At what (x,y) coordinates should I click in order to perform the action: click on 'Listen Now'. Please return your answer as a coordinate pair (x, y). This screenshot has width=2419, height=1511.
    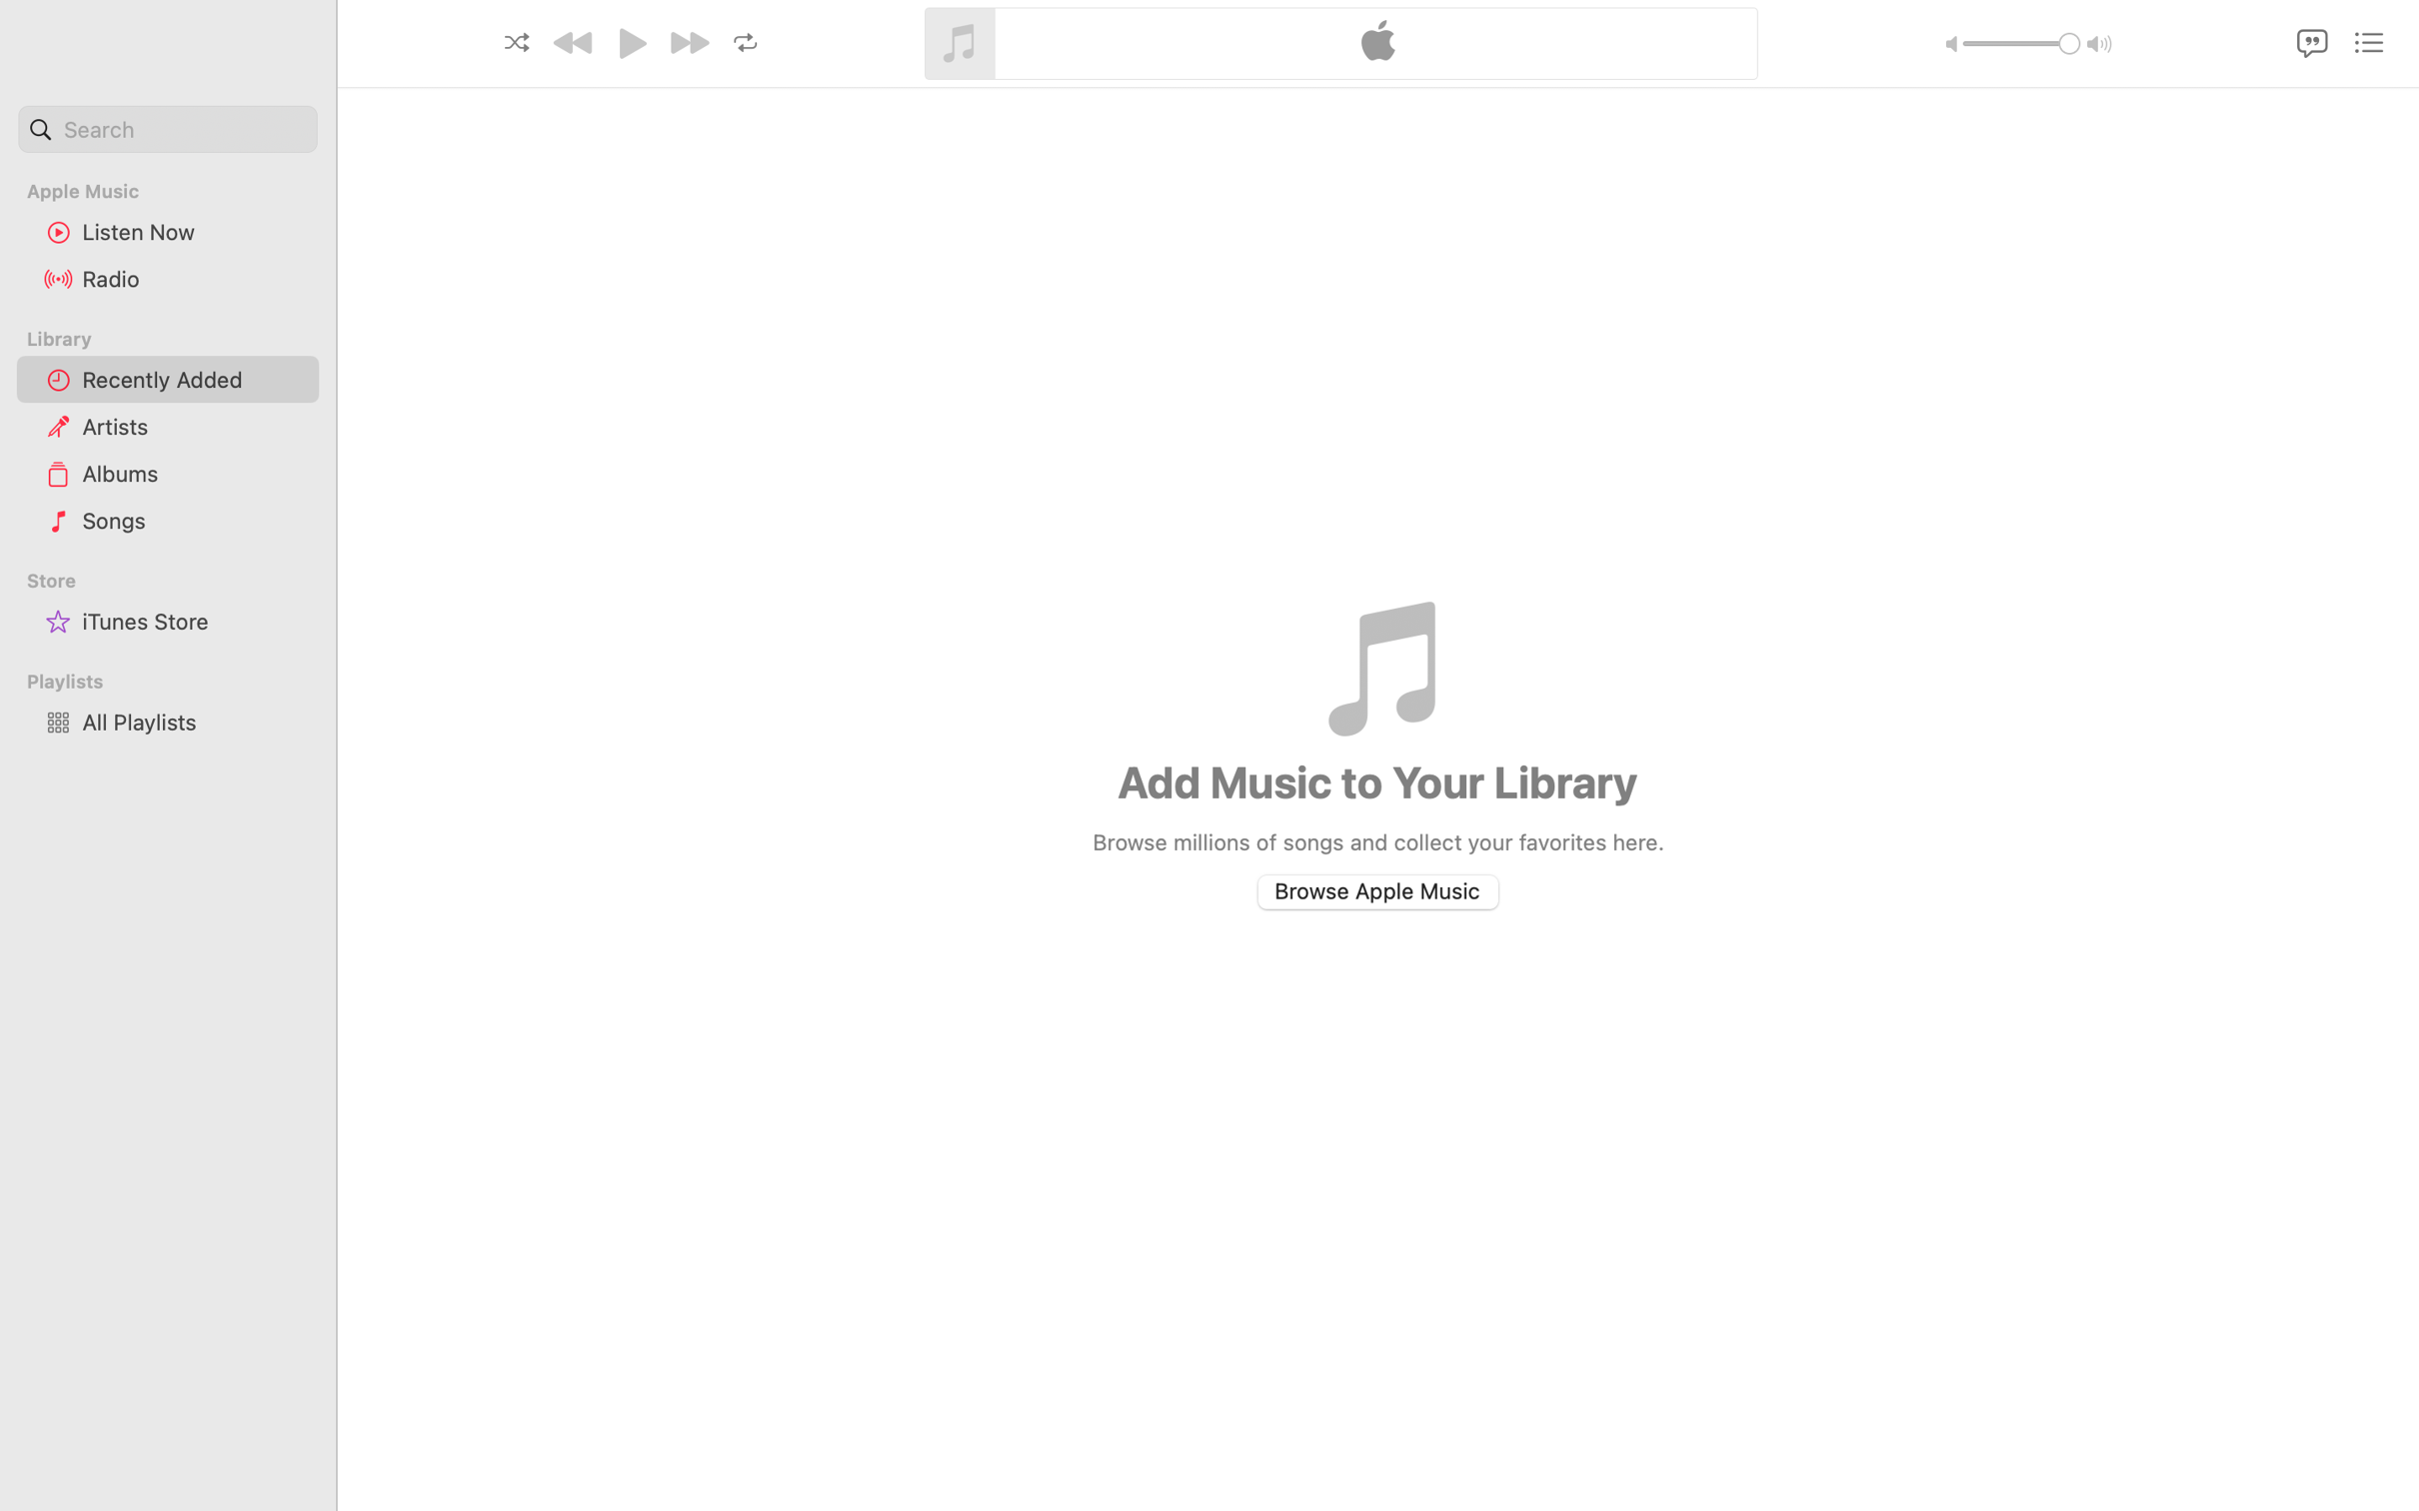
    Looking at the image, I should click on (192, 230).